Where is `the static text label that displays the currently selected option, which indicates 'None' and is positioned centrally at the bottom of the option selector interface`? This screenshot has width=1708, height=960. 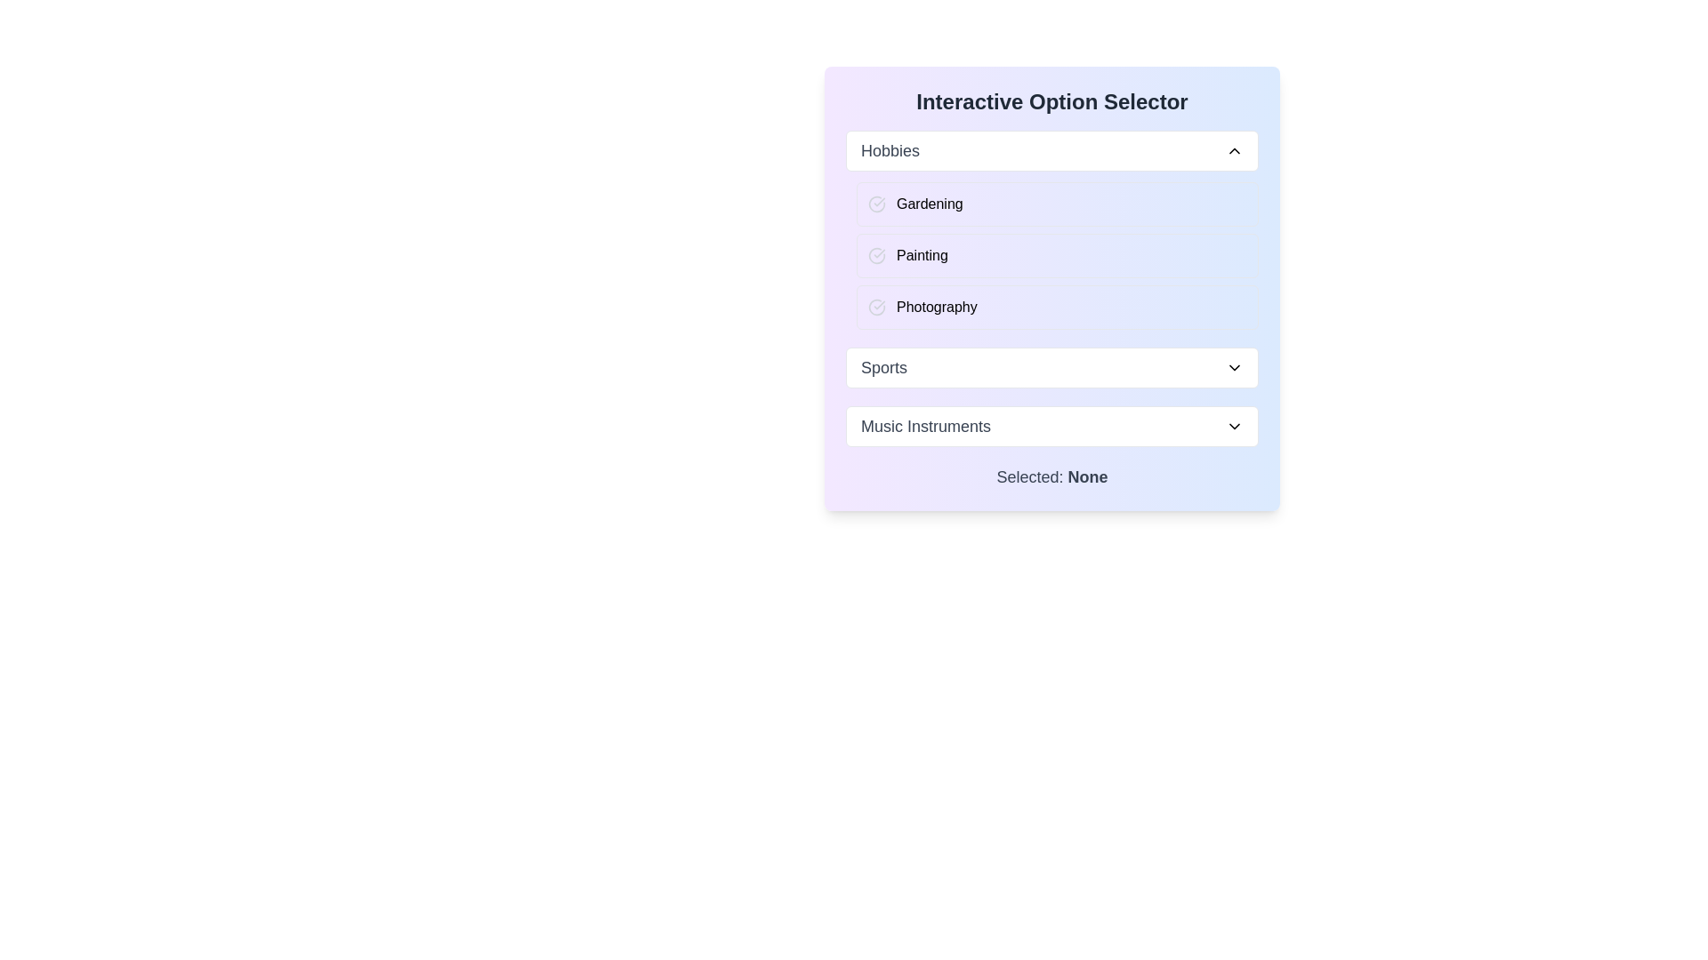 the static text label that displays the currently selected option, which indicates 'None' and is positioned centrally at the bottom of the option selector interface is located at coordinates (1051, 476).